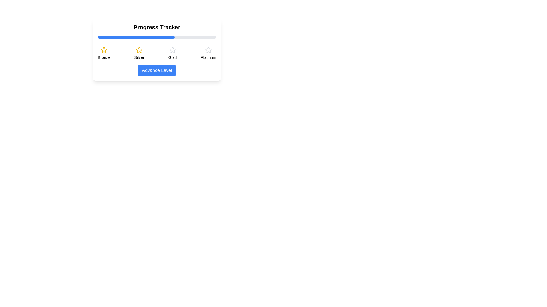  I want to click on the non-interactive UI icon labeled 'Gold' which is a gray star icon above the bold text 'Gold', located in the third position of a horizontal layout below 'Progress Tracker' and above the 'Advance Level' button, so click(172, 53).